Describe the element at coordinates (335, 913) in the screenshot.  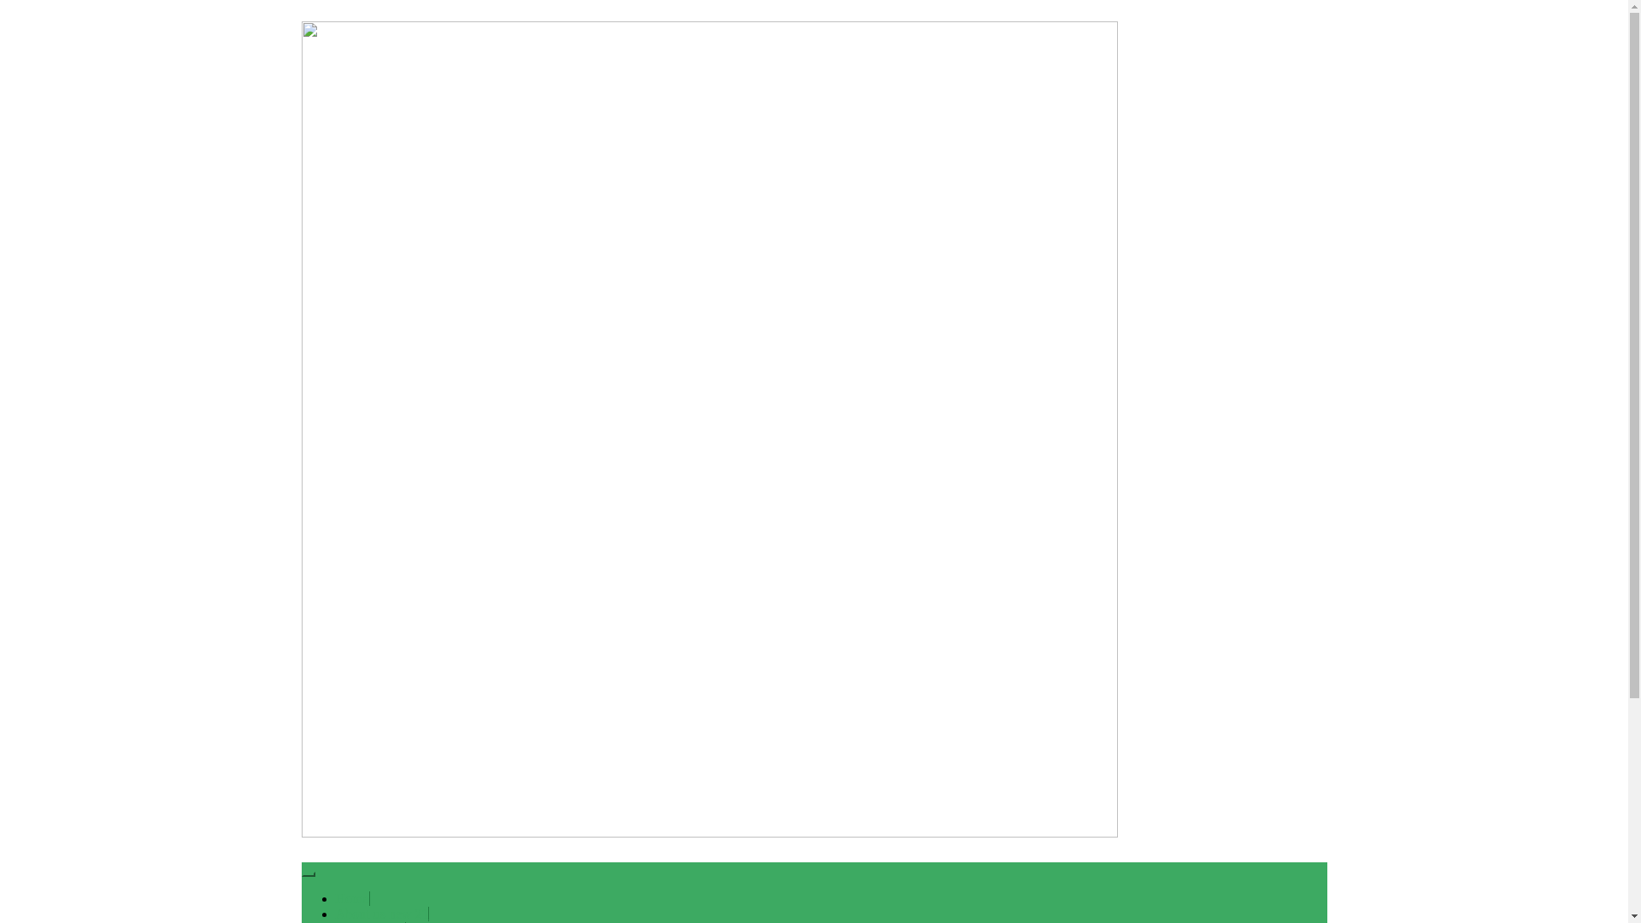
I see `'About us new 21'` at that location.